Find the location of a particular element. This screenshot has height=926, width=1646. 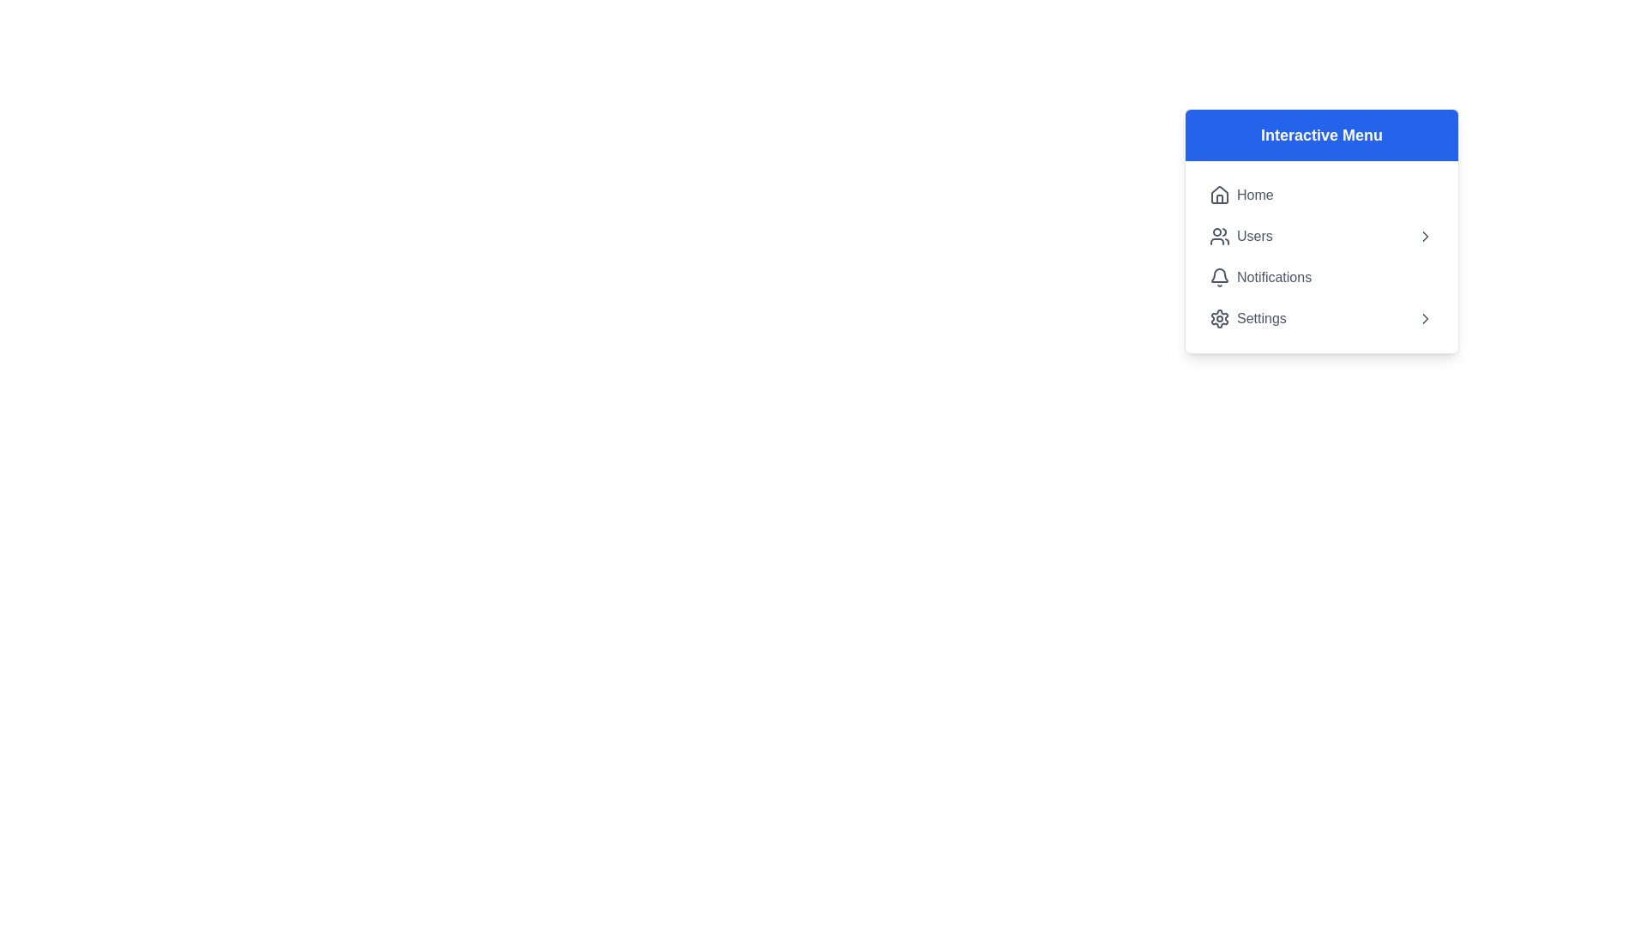

the 'Interactive Menu' navigation element located in the top-right section of the layout is located at coordinates (1379, 315).